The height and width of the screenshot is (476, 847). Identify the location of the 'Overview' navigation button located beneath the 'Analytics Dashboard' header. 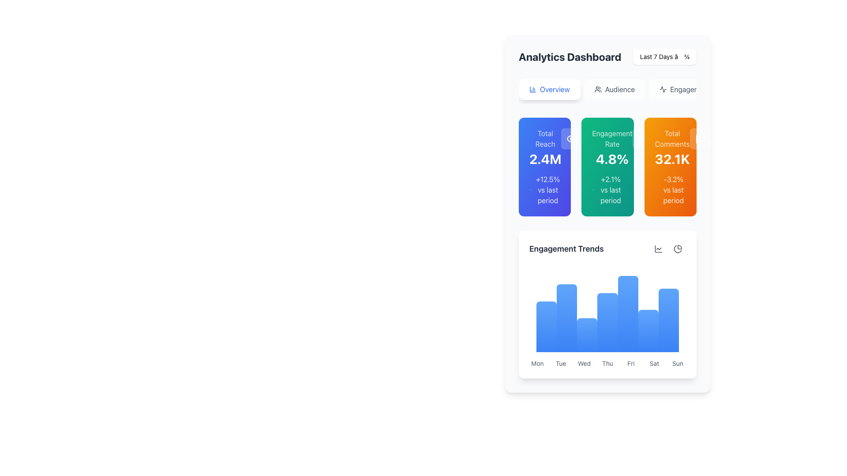
(549, 89).